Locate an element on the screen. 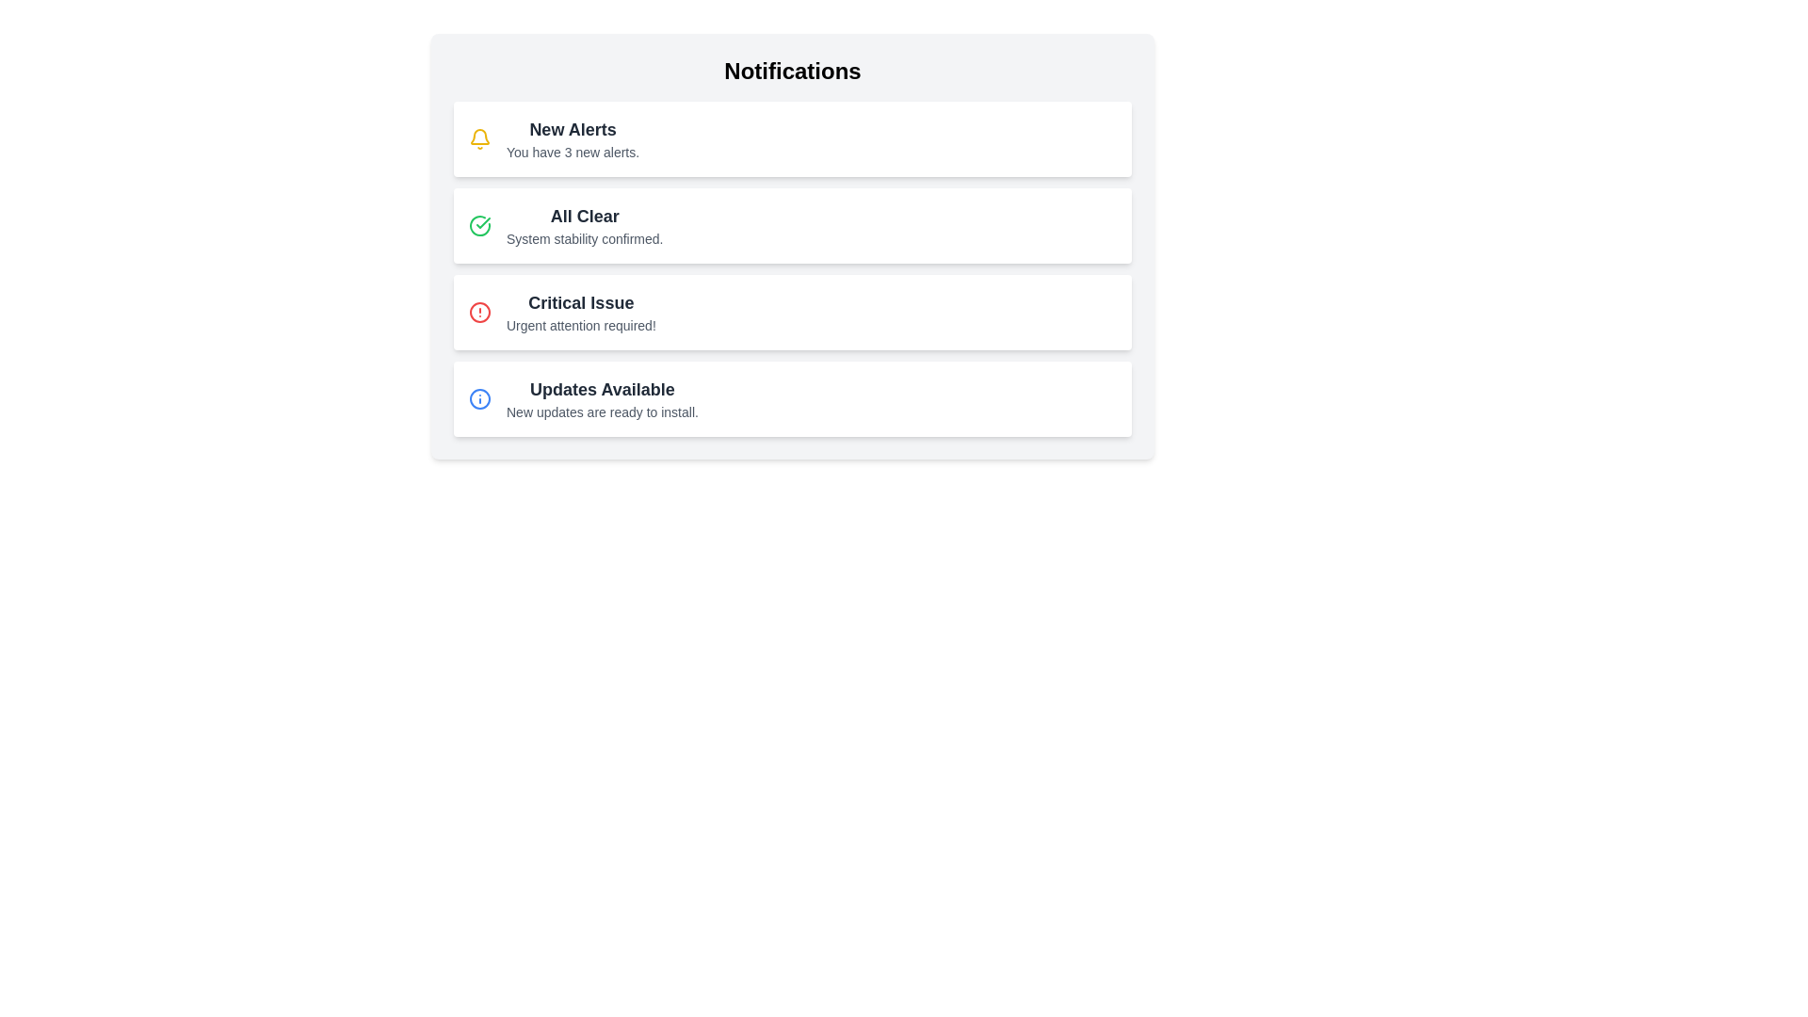  'Critical Issue' text label, which is the first text component of the third notification item in the Notifications list is located at coordinates (580, 301).